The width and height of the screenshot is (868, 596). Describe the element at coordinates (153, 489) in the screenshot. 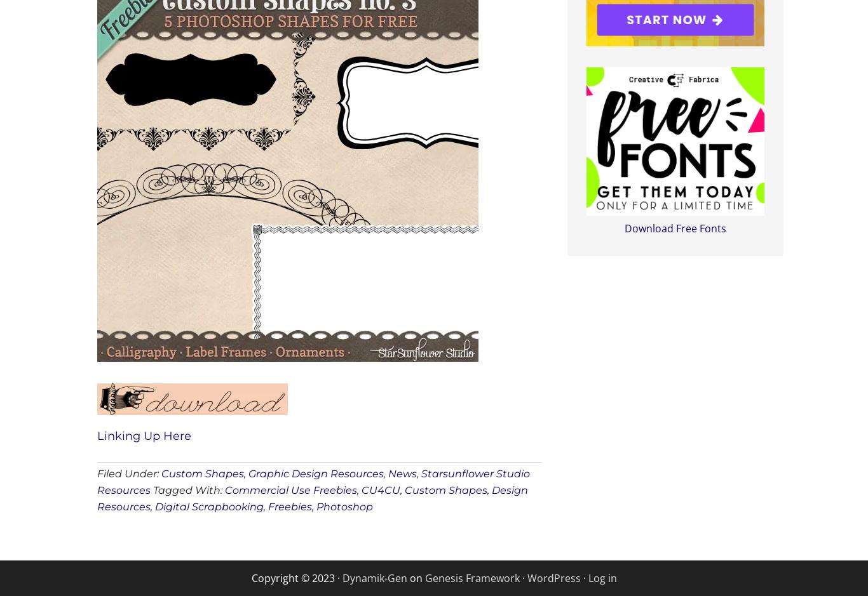

I see `'Tagged With:'` at that location.